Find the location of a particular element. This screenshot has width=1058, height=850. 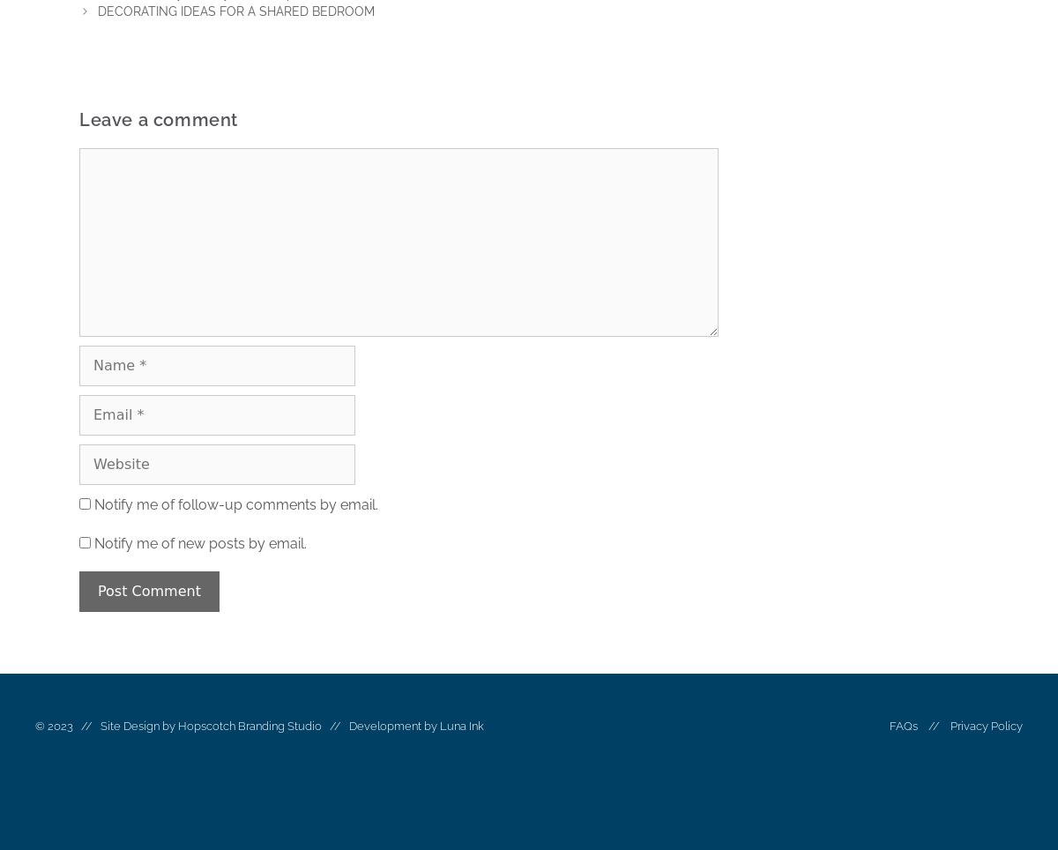

'FAQs' is located at coordinates (902, 725).